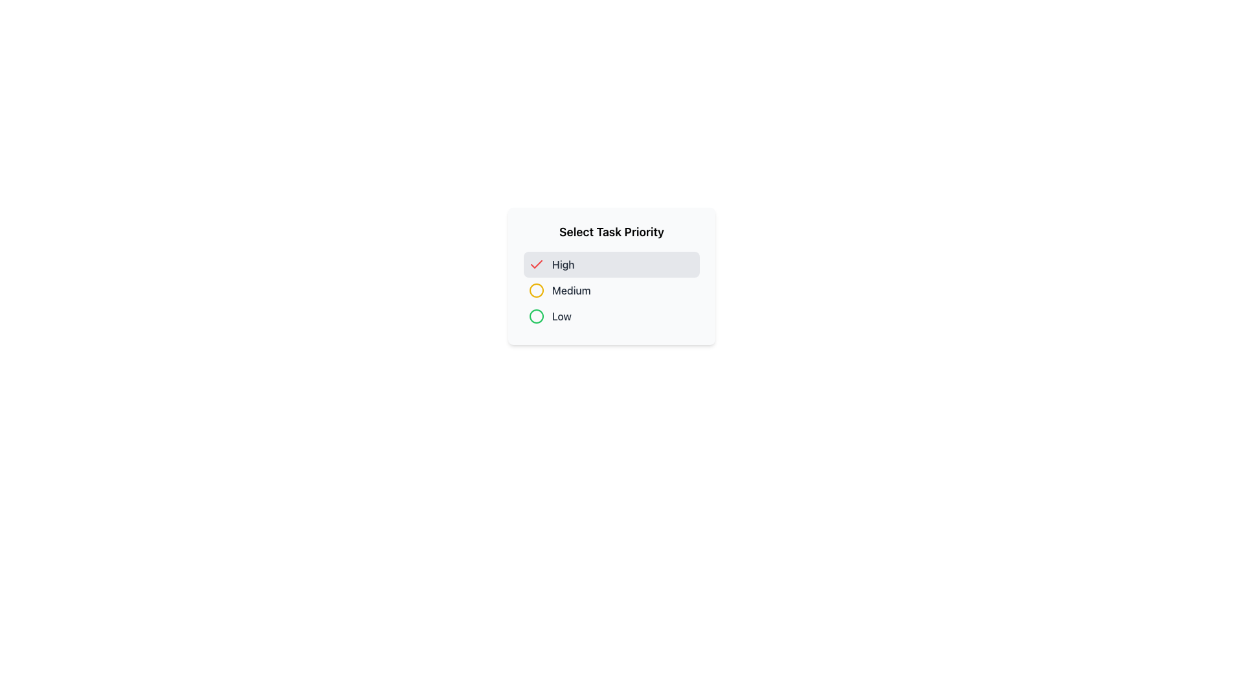 This screenshot has width=1243, height=699. Describe the element at coordinates (537, 316) in the screenshot. I see `the green-outlined circle icon located to the left of the 'Low' priority label` at that location.